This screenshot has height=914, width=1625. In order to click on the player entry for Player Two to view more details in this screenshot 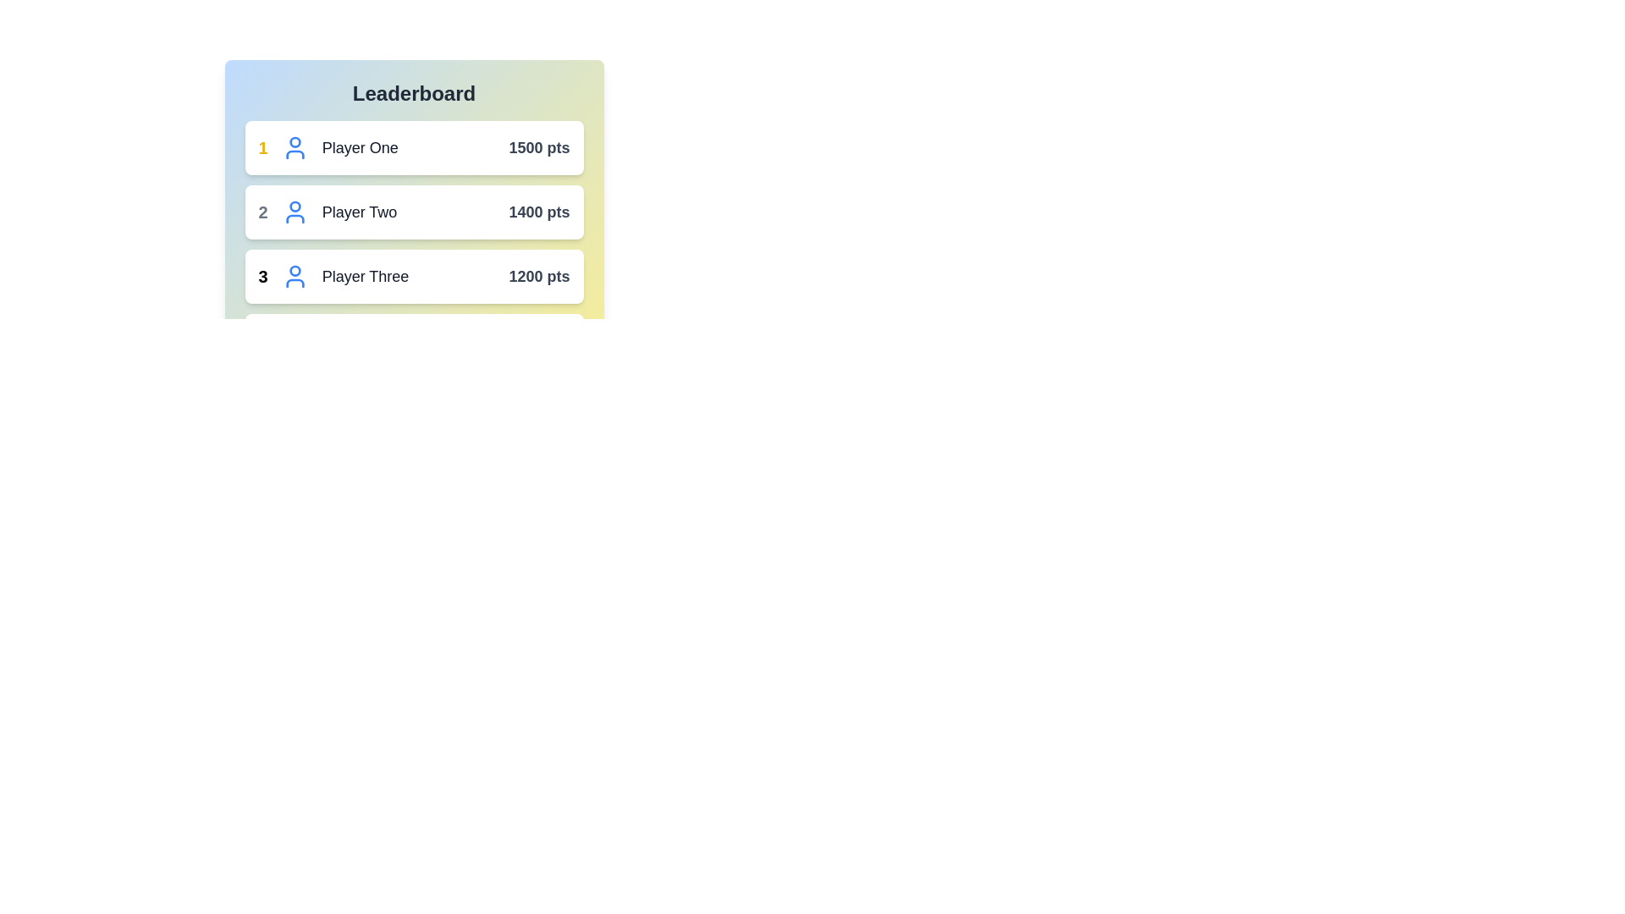, I will do `click(414, 211)`.